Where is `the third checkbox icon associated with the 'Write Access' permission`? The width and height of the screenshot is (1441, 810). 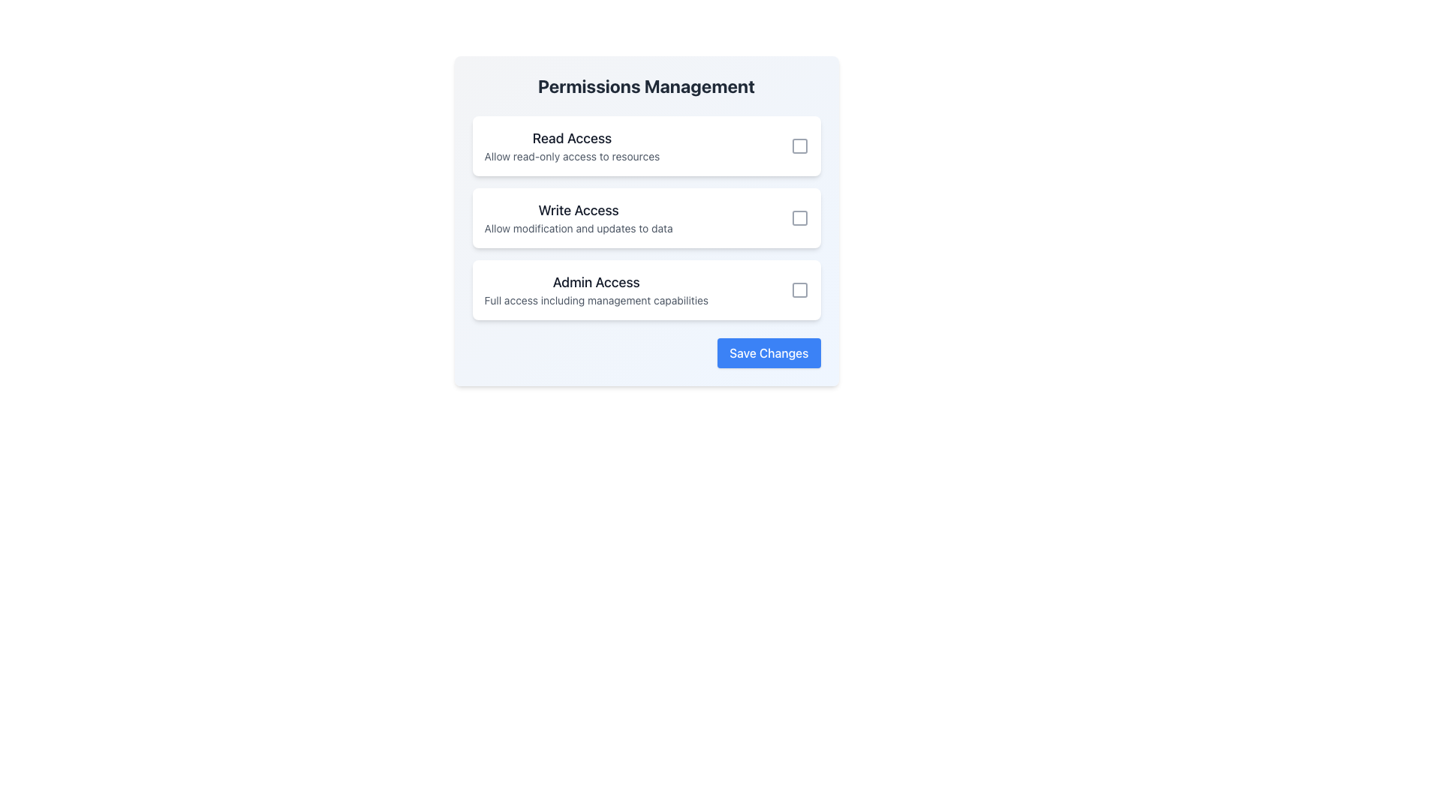
the third checkbox icon associated with the 'Write Access' permission is located at coordinates (799, 217).